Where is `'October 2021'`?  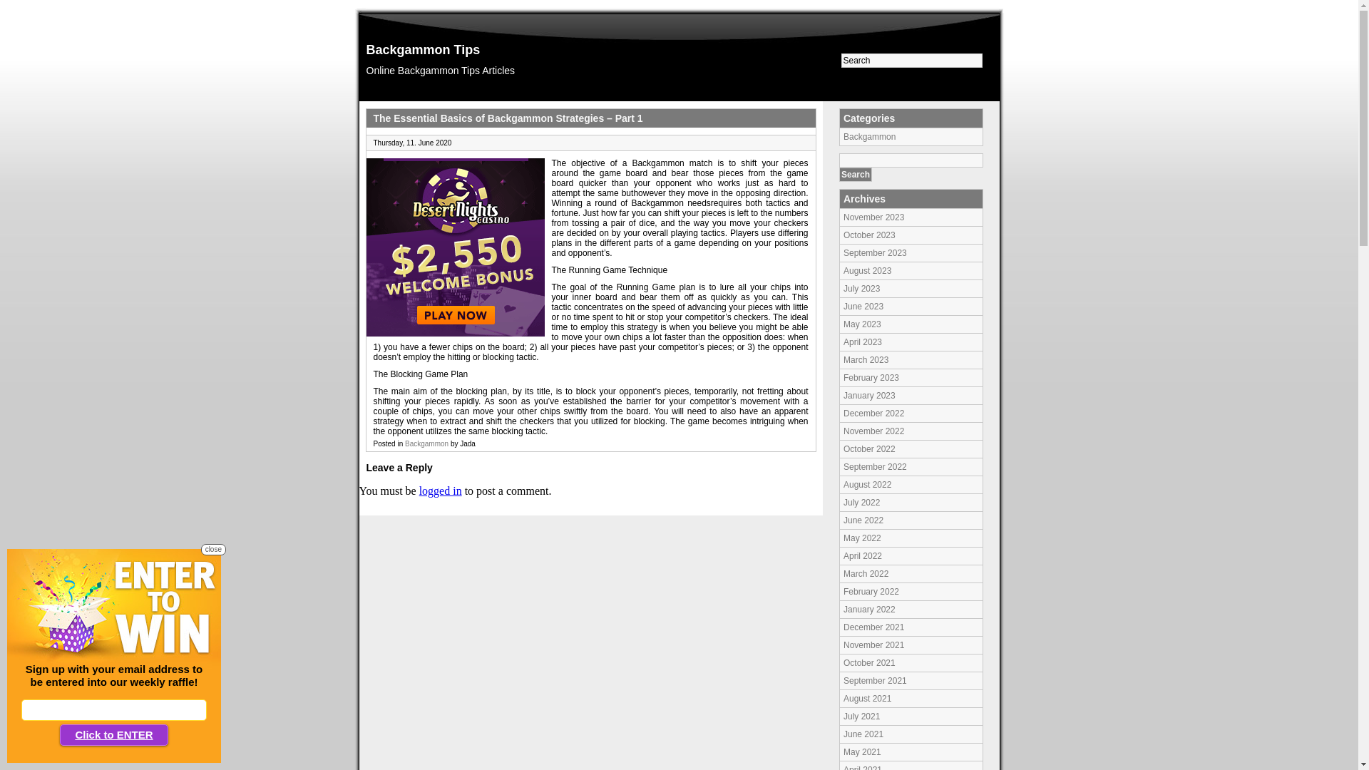 'October 2021' is located at coordinates (868, 662).